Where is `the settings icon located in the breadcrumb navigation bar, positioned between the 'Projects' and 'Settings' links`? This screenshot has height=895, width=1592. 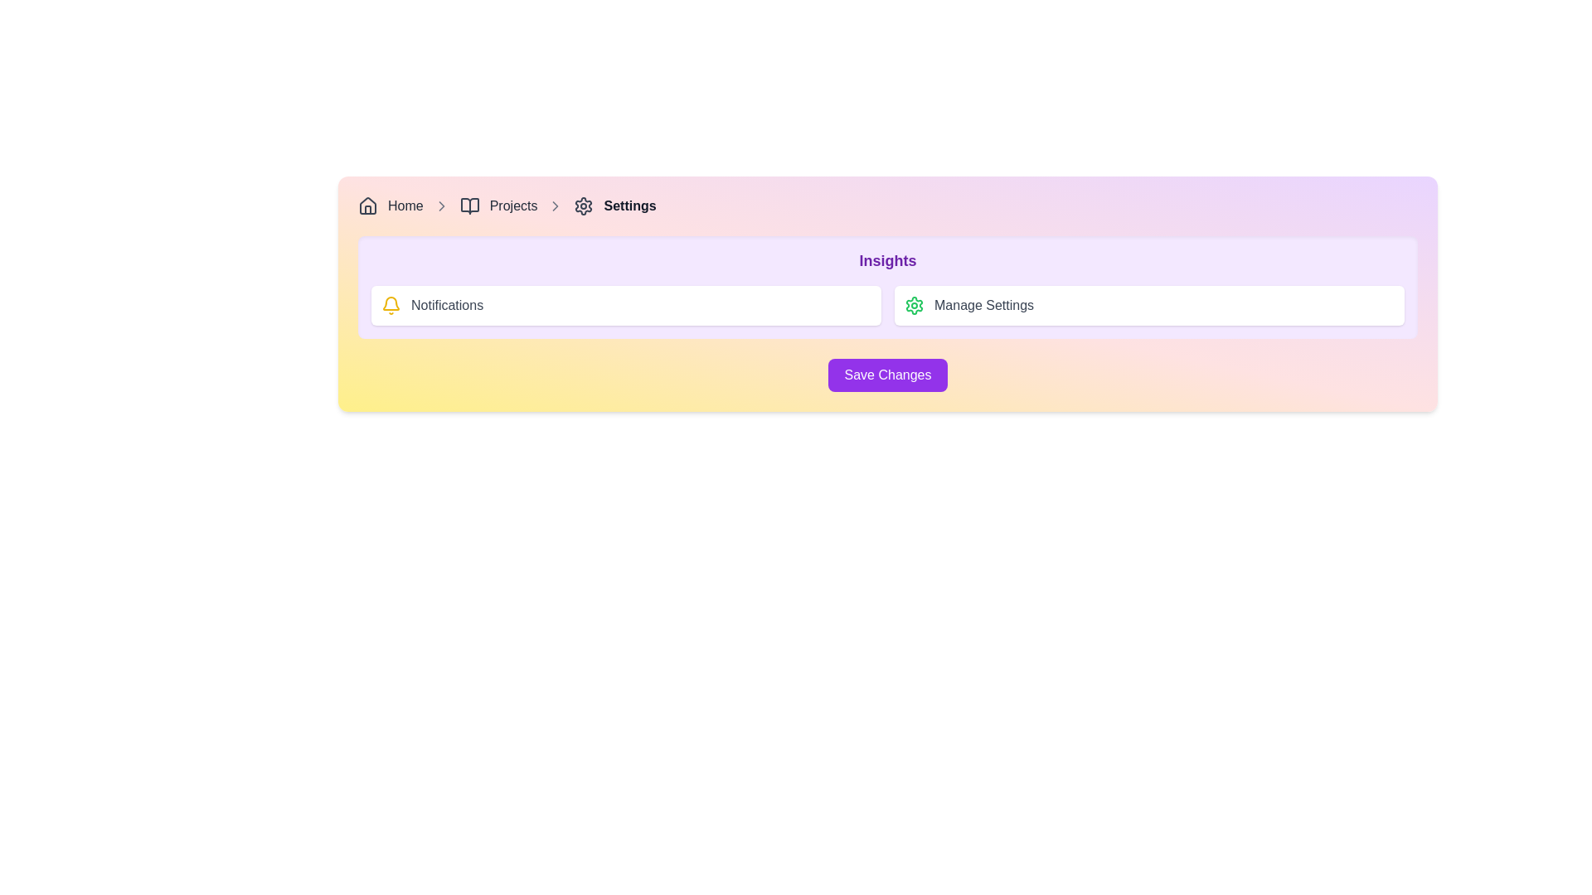
the settings icon located in the breadcrumb navigation bar, positioned between the 'Projects' and 'Settings' links is located at coordinates (584, 206).